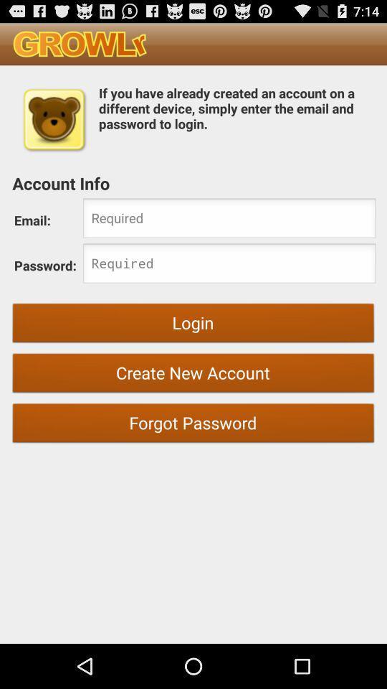  What do you see at coordinates (193, 374) in the screenshot?
I see `the create new account item` at bounding box center [193, 374].